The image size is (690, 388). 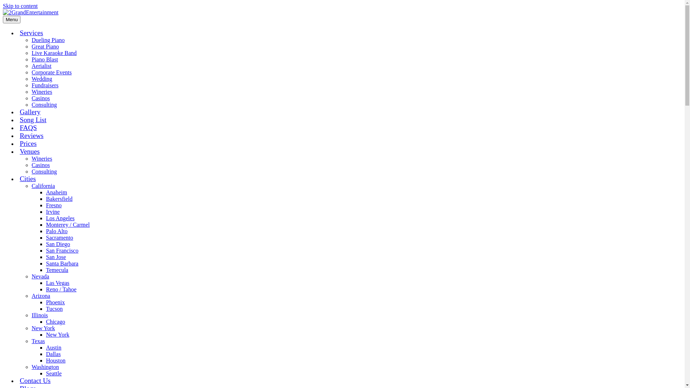 I want to click on 'Venues', so click(x=29, y=151).